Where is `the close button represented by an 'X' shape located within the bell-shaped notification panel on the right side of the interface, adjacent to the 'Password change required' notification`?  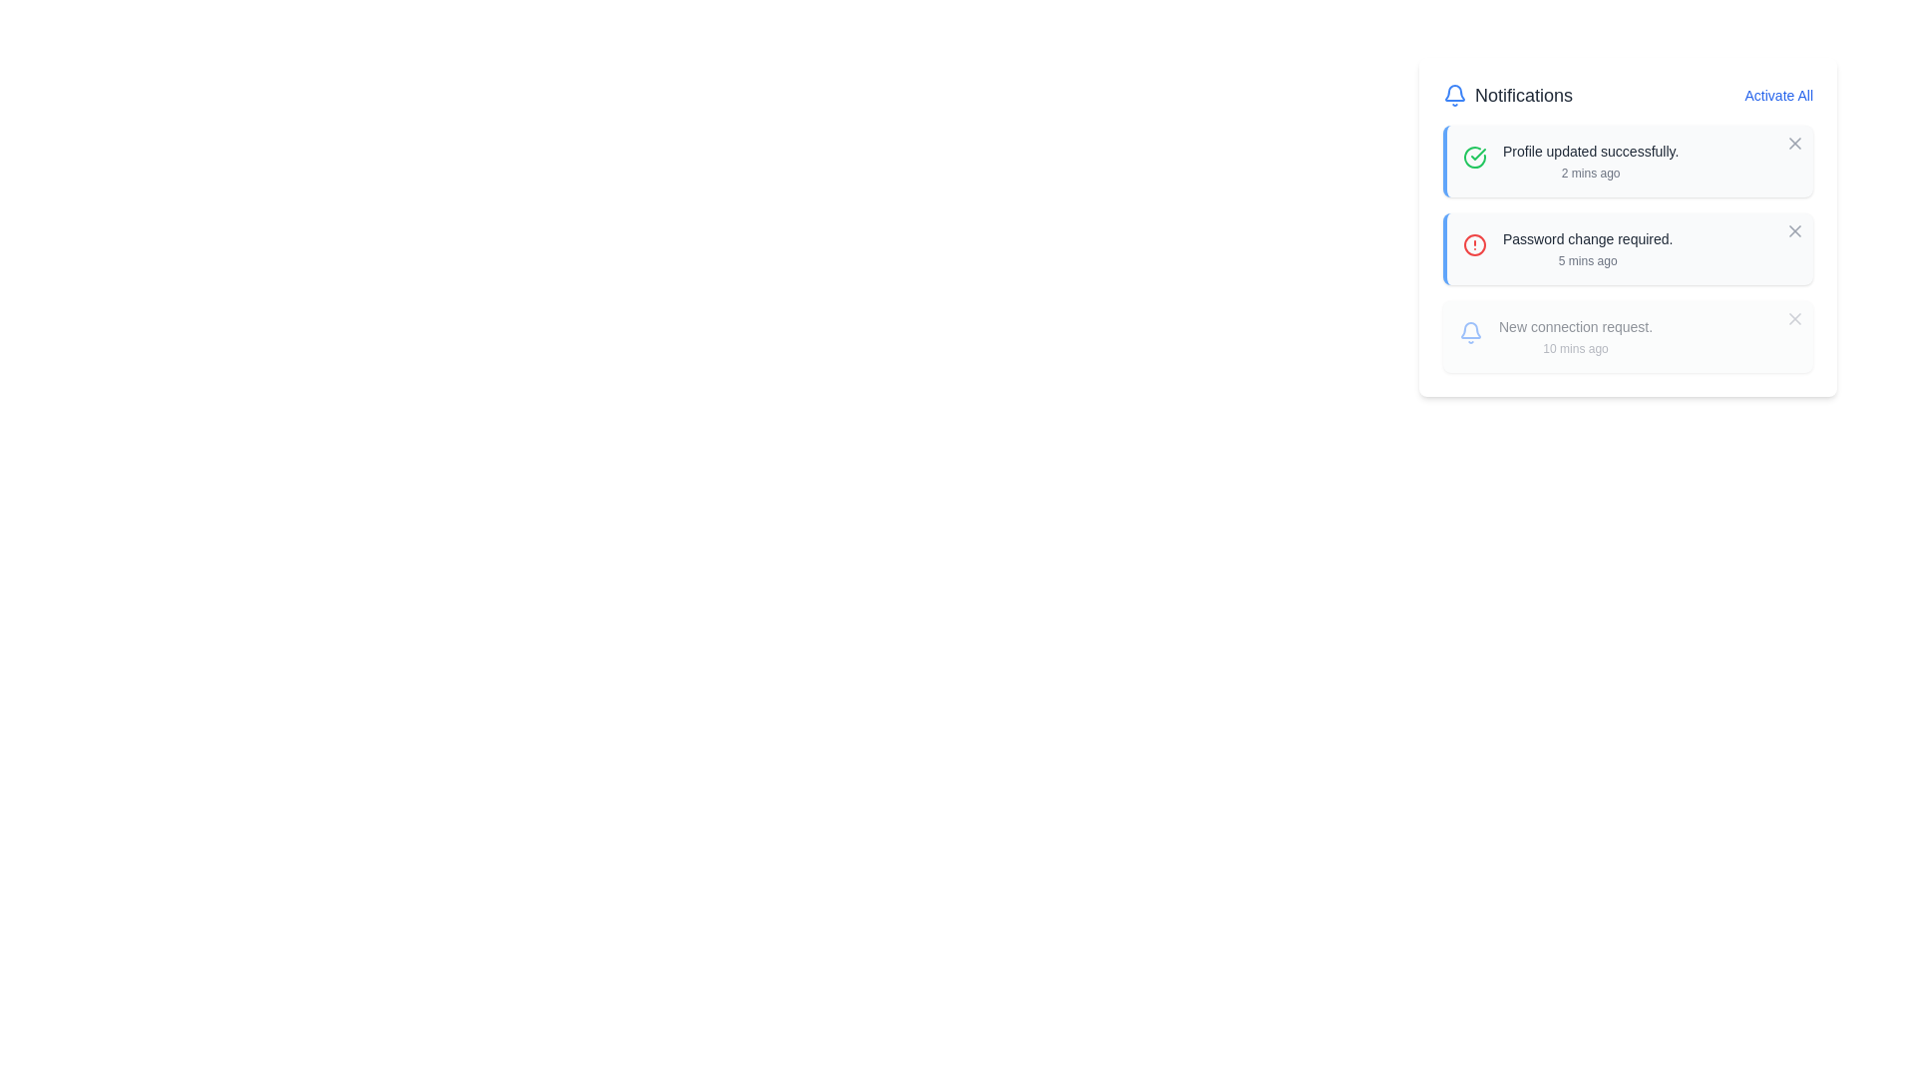 the close button represented by an 'X' shape located within the bell-shaped notification panel on the right side of the interface, adjacent to the 'Password change required' notification is located at coordinates (1795, 229).